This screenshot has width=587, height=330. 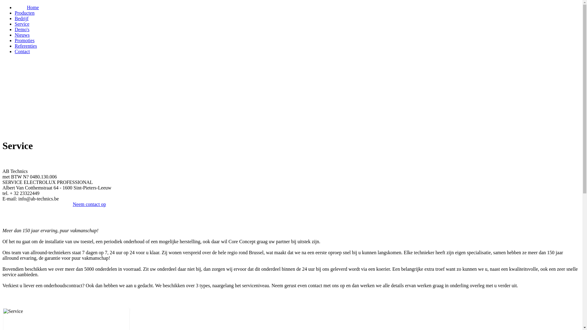 I want to click on 'Bedrijf', so click(x=15, y=18).